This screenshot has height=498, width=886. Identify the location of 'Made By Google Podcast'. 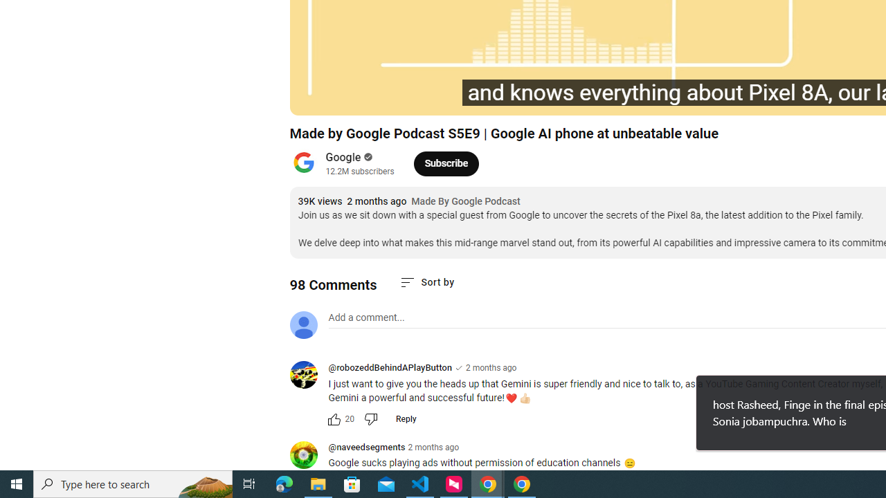
(466, 201).